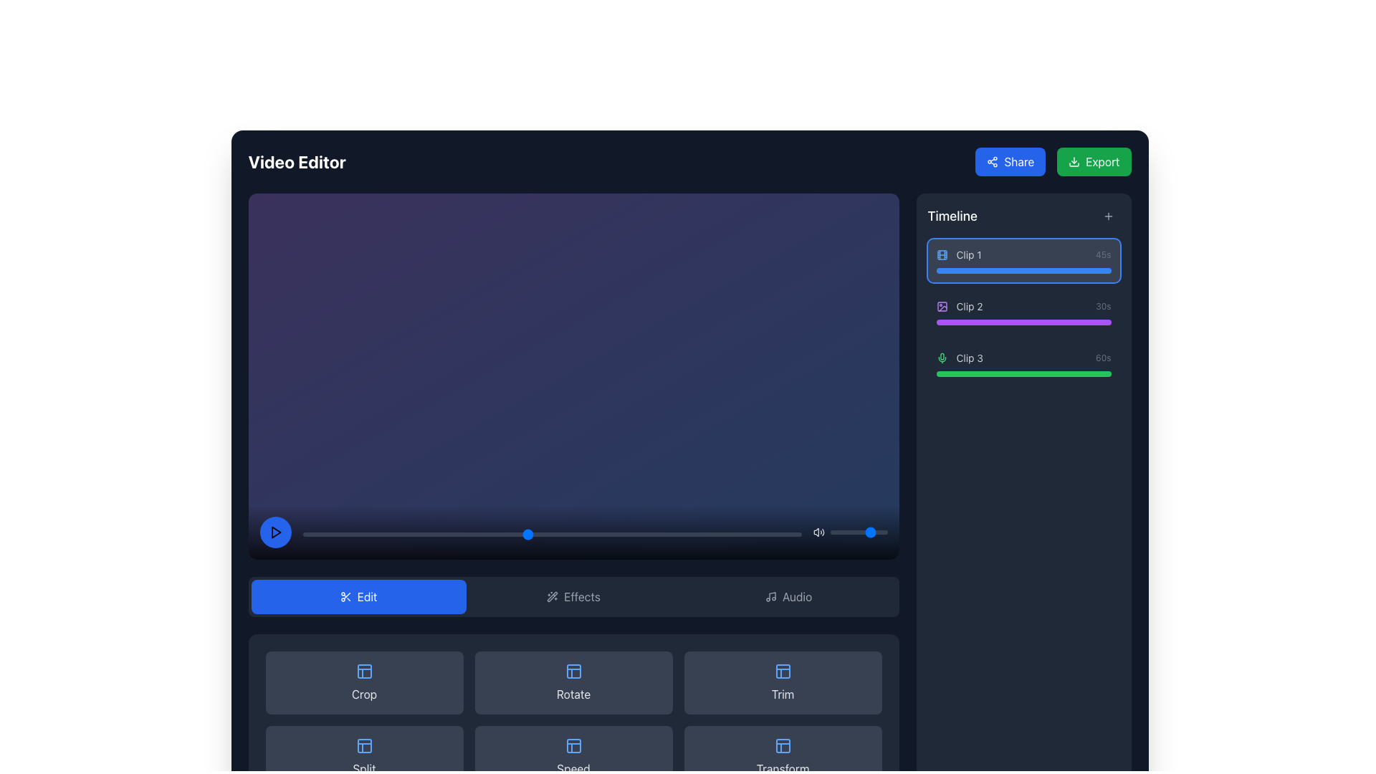  Describe the element at coordinates (796, 596) in the screenshot. I see `the 'Audio' text label, which is part of a button located in the bottom center of the interface` at that location.